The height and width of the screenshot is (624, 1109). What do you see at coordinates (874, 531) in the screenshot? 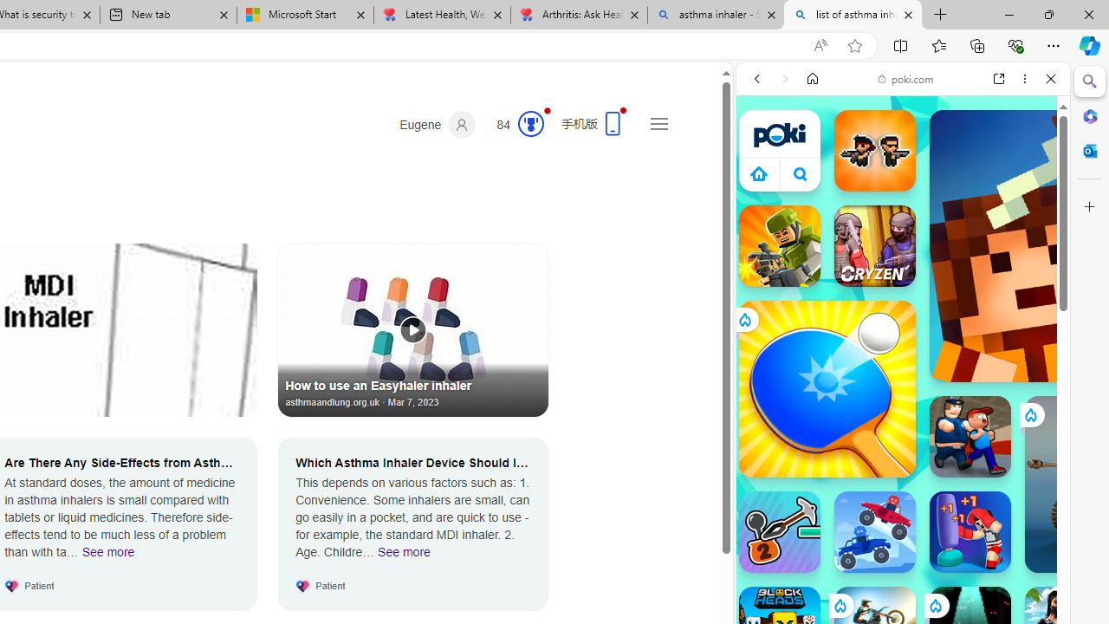
I see `'Battle Wheels'` at bounding box center [874, 531].